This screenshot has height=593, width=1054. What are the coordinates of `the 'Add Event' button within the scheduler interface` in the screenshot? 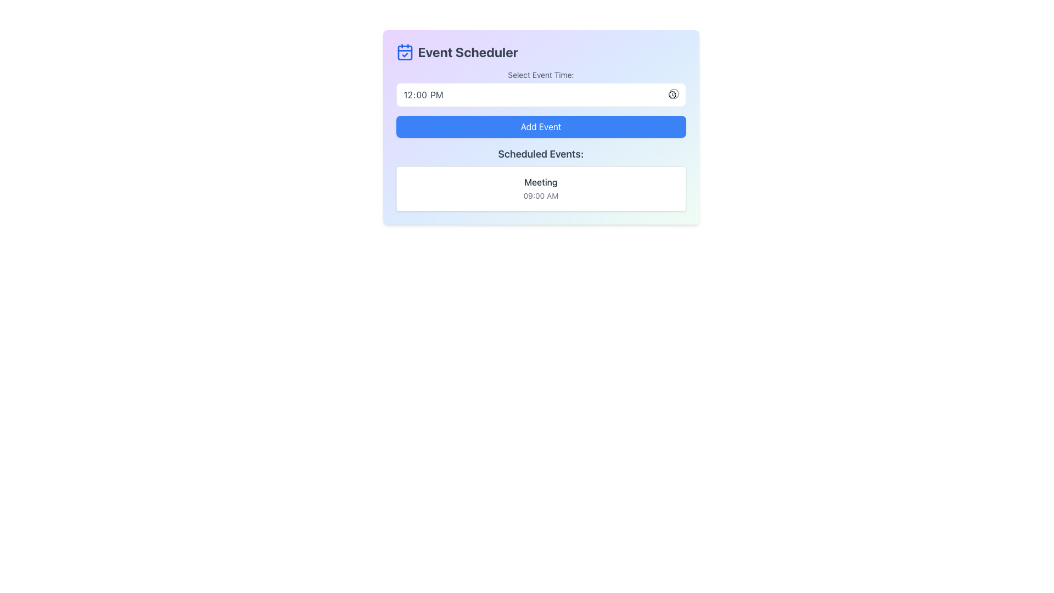 It's located at (541, 126).